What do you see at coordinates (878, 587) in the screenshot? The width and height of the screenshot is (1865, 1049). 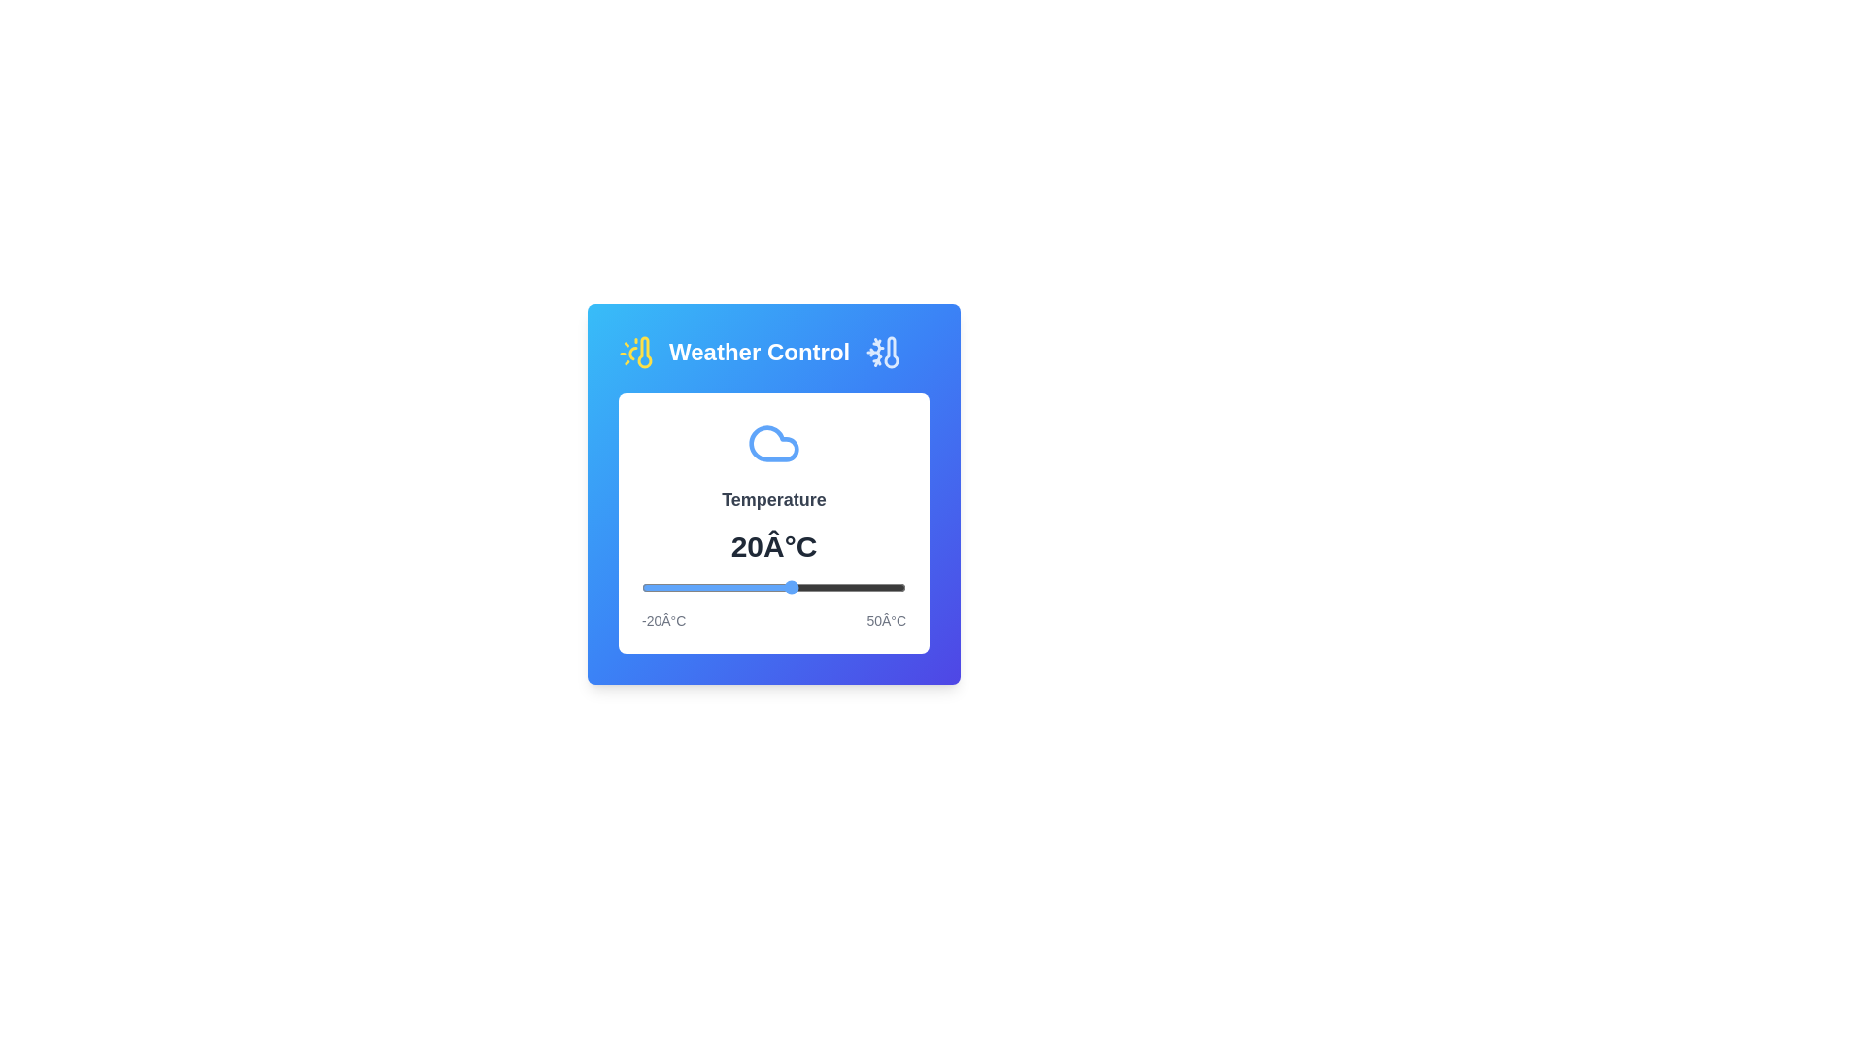 I see `the temperature to 43°C using the slider` at bounding box center [878, 587].